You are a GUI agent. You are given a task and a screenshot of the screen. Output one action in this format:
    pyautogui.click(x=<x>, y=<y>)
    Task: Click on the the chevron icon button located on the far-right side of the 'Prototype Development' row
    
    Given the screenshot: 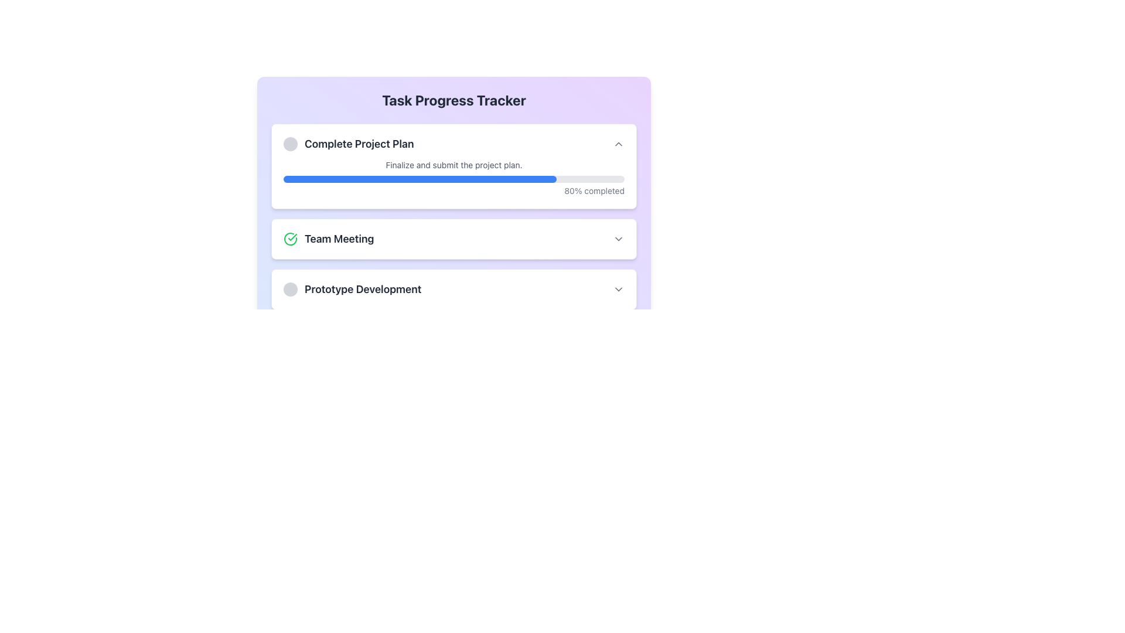 What is the action you would take?
    pyautogui.click(x=618, y=289)
    